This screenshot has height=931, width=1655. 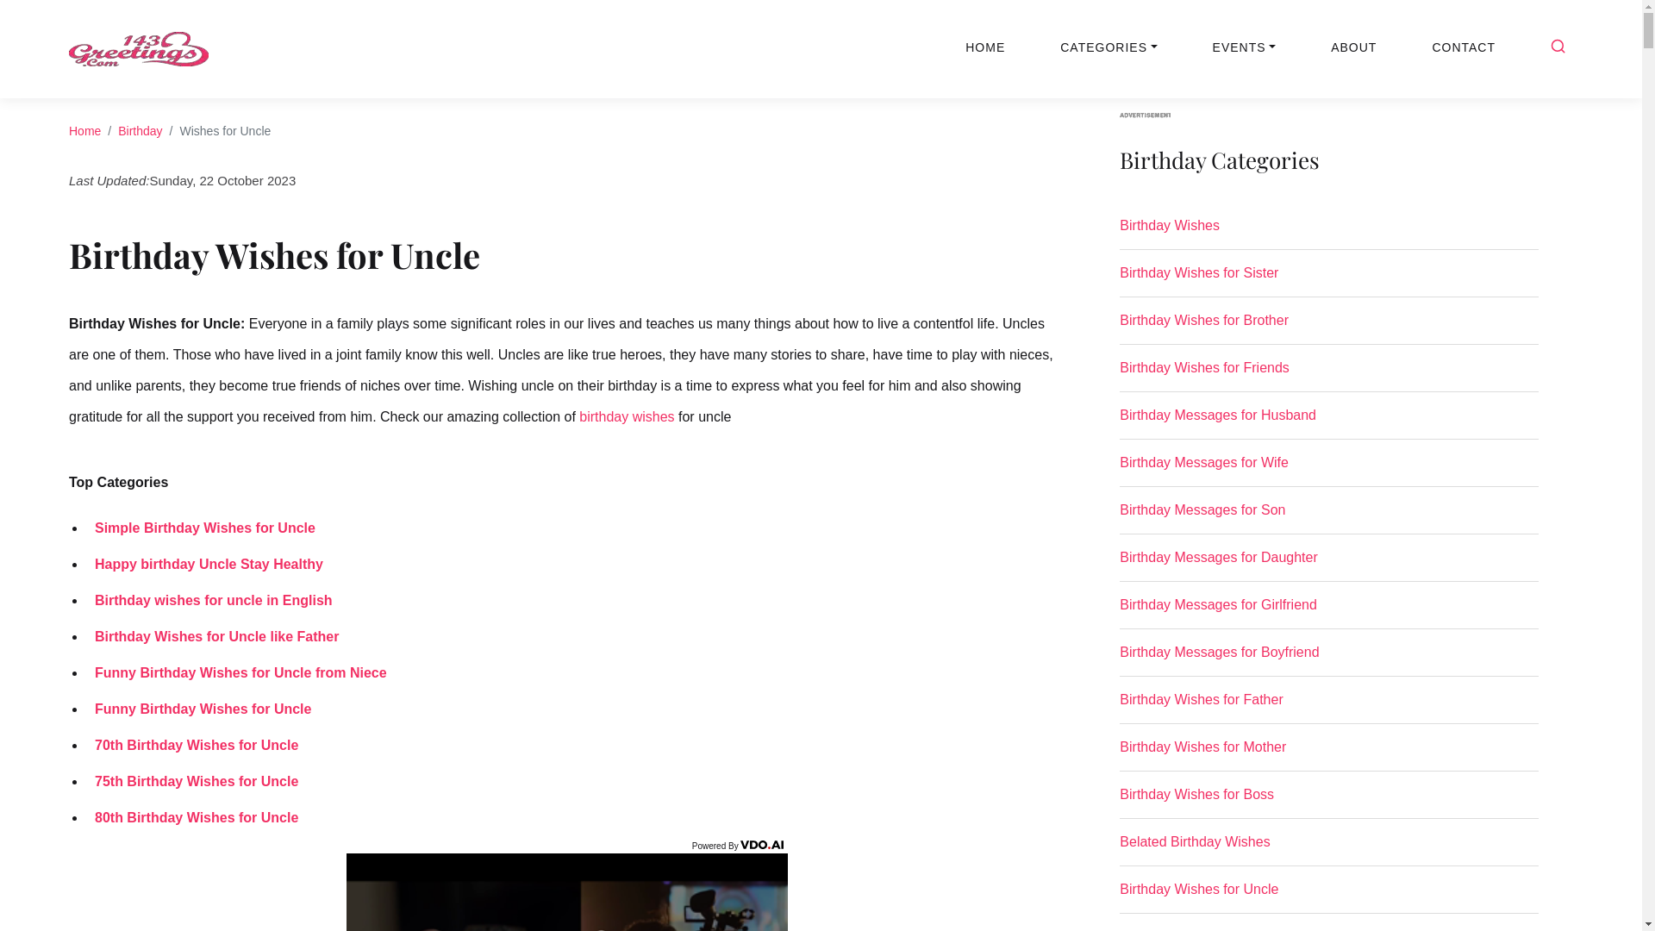 What do you see at coordinates (1463, 47) in the screenshot?
I see `'CONTACT'` at bounding box center [1463, 47].